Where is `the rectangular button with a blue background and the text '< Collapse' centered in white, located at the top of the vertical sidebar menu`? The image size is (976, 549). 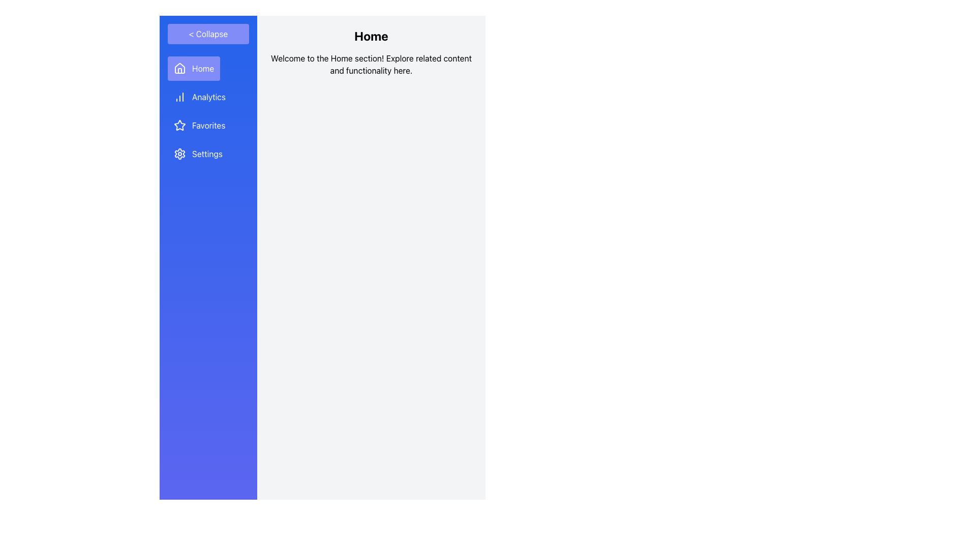
the rectangular button with a blue background and the text '< Collapse' centered in white, located at the top of the vertical sidebar menu is located at coordinates (208, 33).